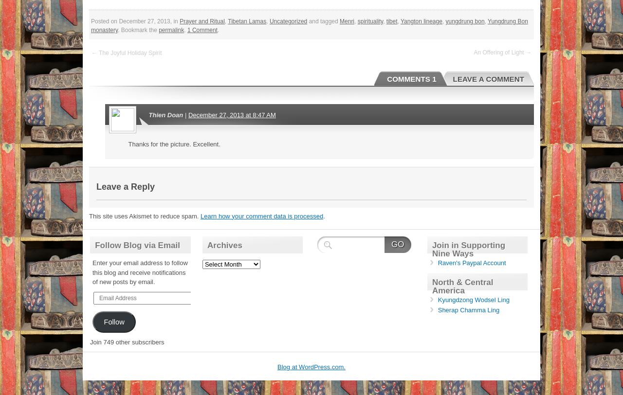  Describe the element at coordinates (464, 21) in the screenshot. I see `'yungdrung bon'` at that location.